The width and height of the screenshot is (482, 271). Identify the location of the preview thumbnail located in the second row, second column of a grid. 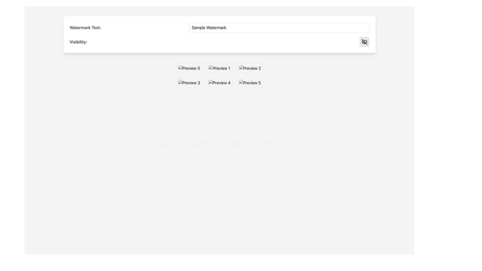
(219, 83).